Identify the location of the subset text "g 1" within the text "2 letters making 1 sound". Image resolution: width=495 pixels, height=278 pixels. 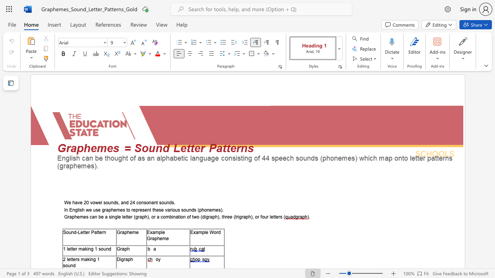
(93, 259).